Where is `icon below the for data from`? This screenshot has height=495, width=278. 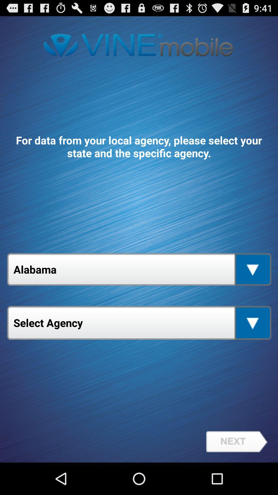 icon below the for data from is located at coordinates (139, 269).